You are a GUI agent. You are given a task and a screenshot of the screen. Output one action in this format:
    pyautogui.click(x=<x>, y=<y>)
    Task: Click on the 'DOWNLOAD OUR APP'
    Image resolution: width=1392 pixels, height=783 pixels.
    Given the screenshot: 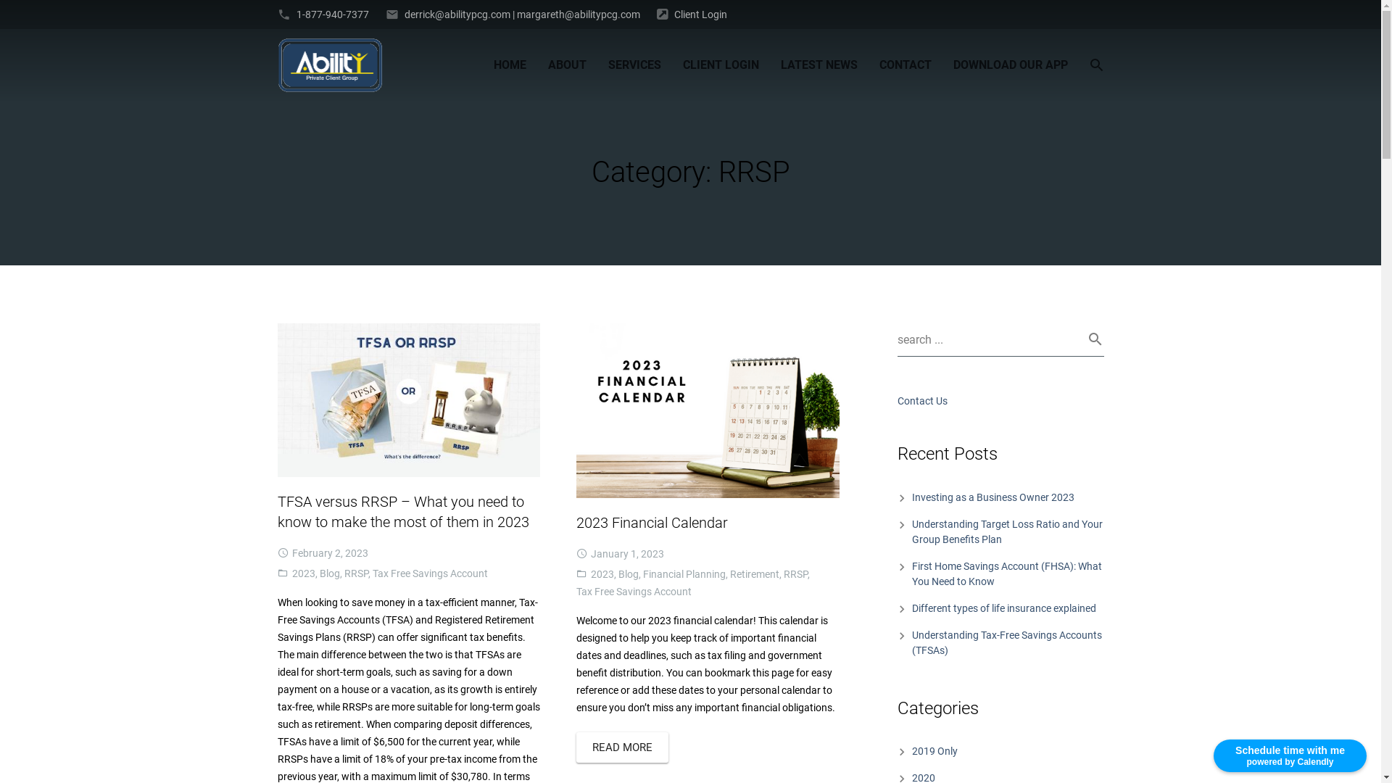 What is the action you would take?
    pyautogui.click(x=1009, y=64)
    